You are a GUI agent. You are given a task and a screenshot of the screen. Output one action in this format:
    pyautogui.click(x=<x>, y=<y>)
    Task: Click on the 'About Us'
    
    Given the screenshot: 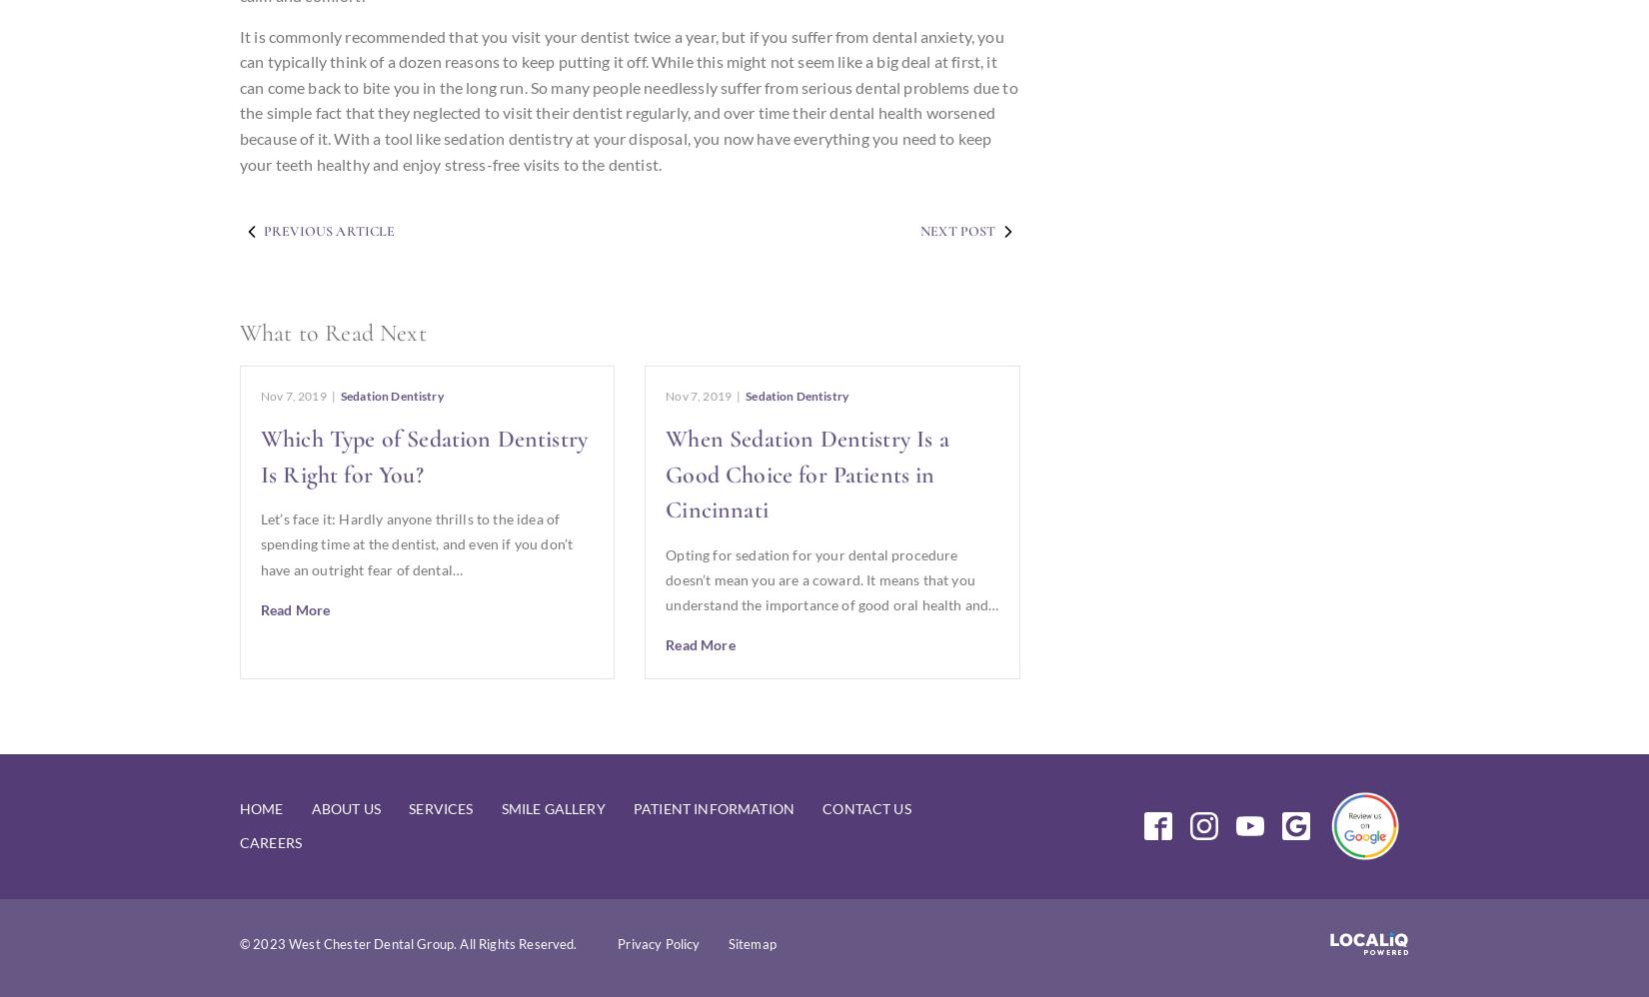 What is the action you would take?
    pyautogui.click(x=311, y=807)
    